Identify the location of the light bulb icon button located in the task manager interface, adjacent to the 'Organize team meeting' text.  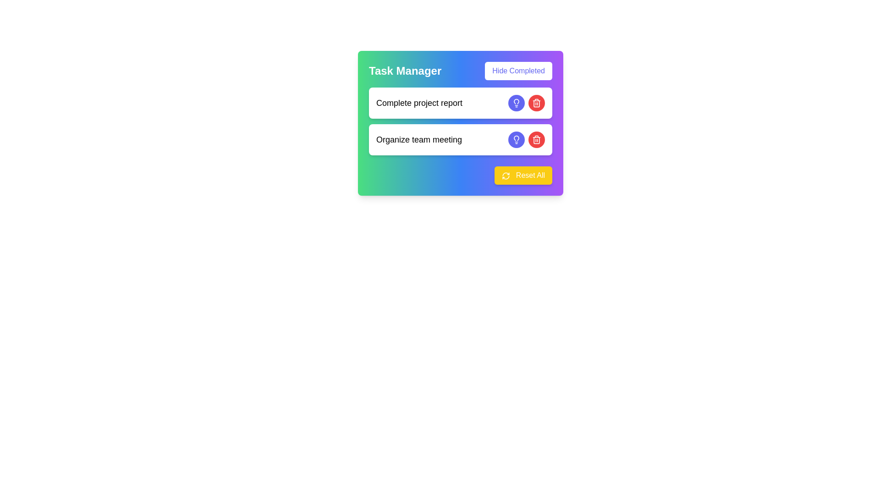
(517, 103).